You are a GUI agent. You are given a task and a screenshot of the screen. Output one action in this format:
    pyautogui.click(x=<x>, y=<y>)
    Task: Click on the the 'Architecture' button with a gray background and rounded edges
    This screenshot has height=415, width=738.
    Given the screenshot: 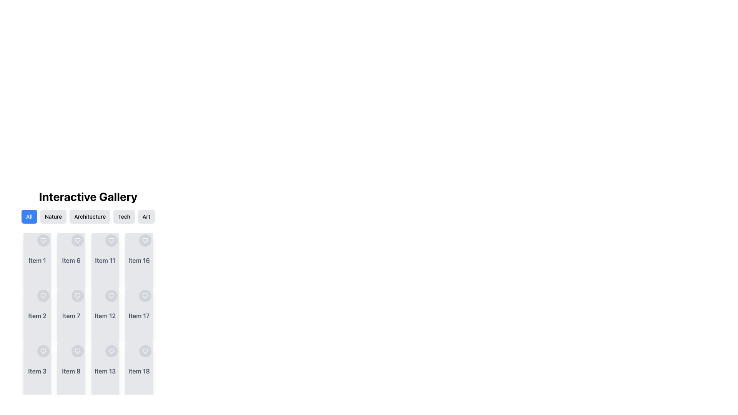 What is the action you would take?
    pyautogui.click(x=90, y=216)
    